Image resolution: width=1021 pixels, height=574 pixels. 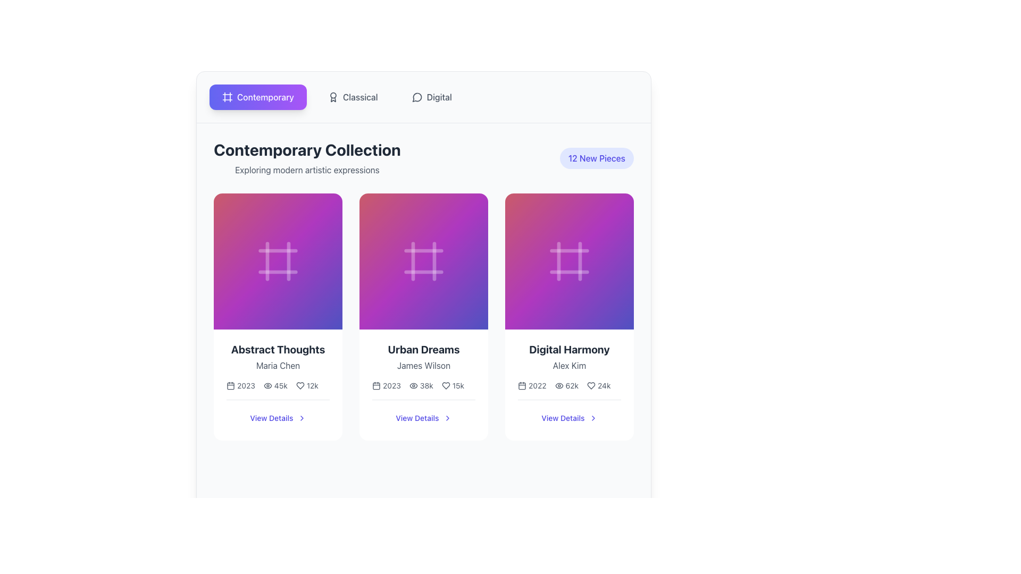 What do you see at coordinates (376, 385) in the screenshot?
I see `the calendar icon located next to the year '2023' in the metadata for the artwork titled 'Urban Dreams'` at bounding box center [376, 385].